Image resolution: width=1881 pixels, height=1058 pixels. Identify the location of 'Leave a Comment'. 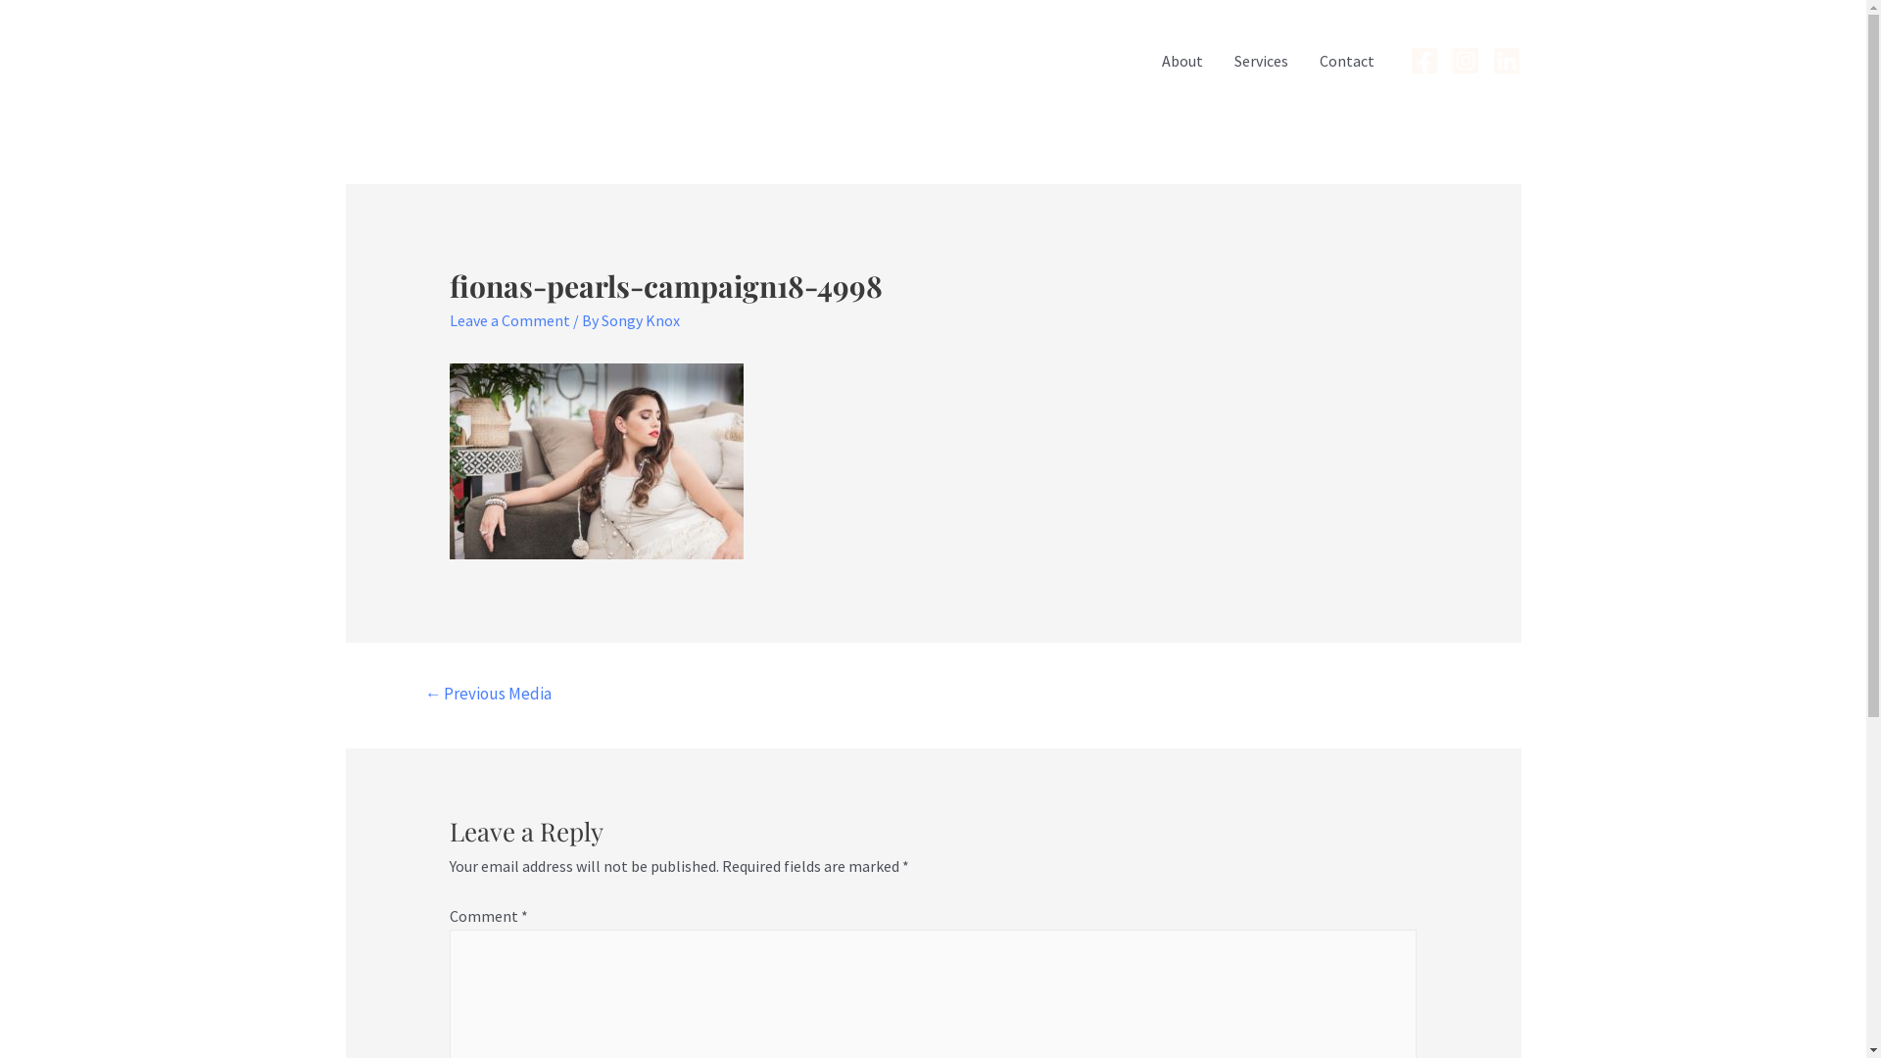
(509, 318).